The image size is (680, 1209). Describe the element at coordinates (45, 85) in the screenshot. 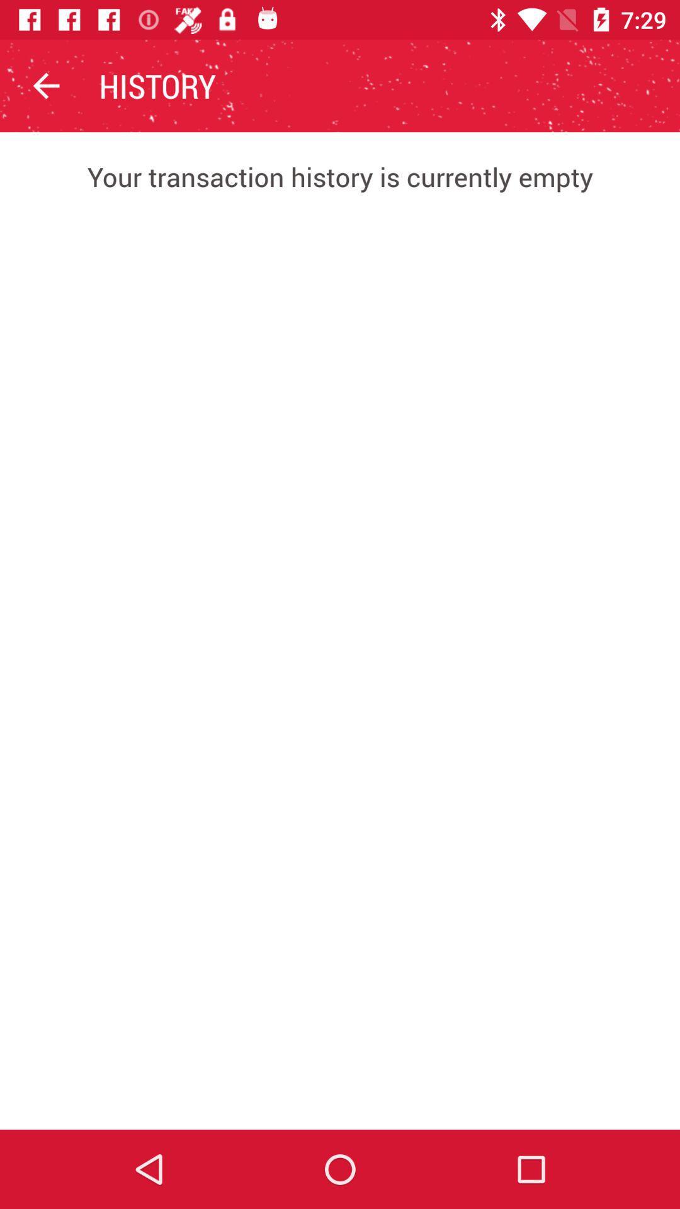

I see `icon next to history icon` at that location.